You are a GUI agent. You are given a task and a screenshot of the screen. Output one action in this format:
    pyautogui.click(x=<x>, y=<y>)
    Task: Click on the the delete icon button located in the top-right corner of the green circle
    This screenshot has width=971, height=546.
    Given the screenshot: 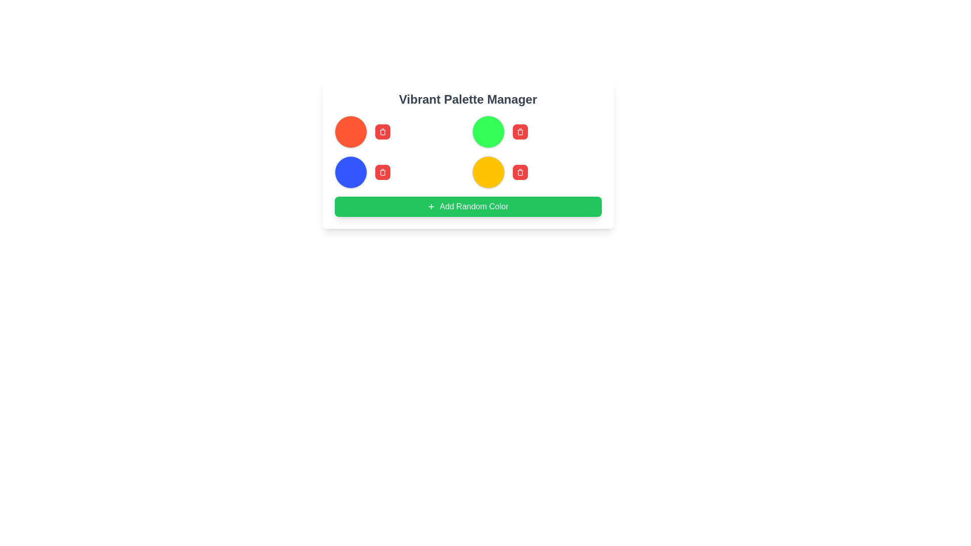 What is the action you would take?
    pyautogui.click(x=520, y=131)
    